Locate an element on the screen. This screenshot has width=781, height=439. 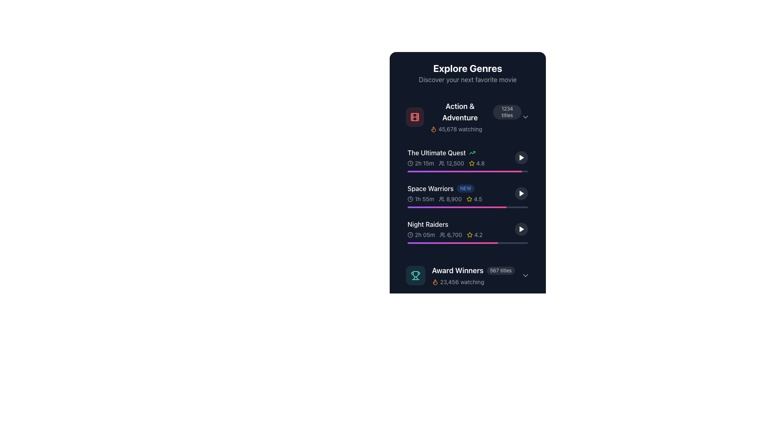
individual movie entries in the 'Action & Adventure' genre section located prominently in the top-left of the 'Explore Genres' card is located at coordinates (468, 172).